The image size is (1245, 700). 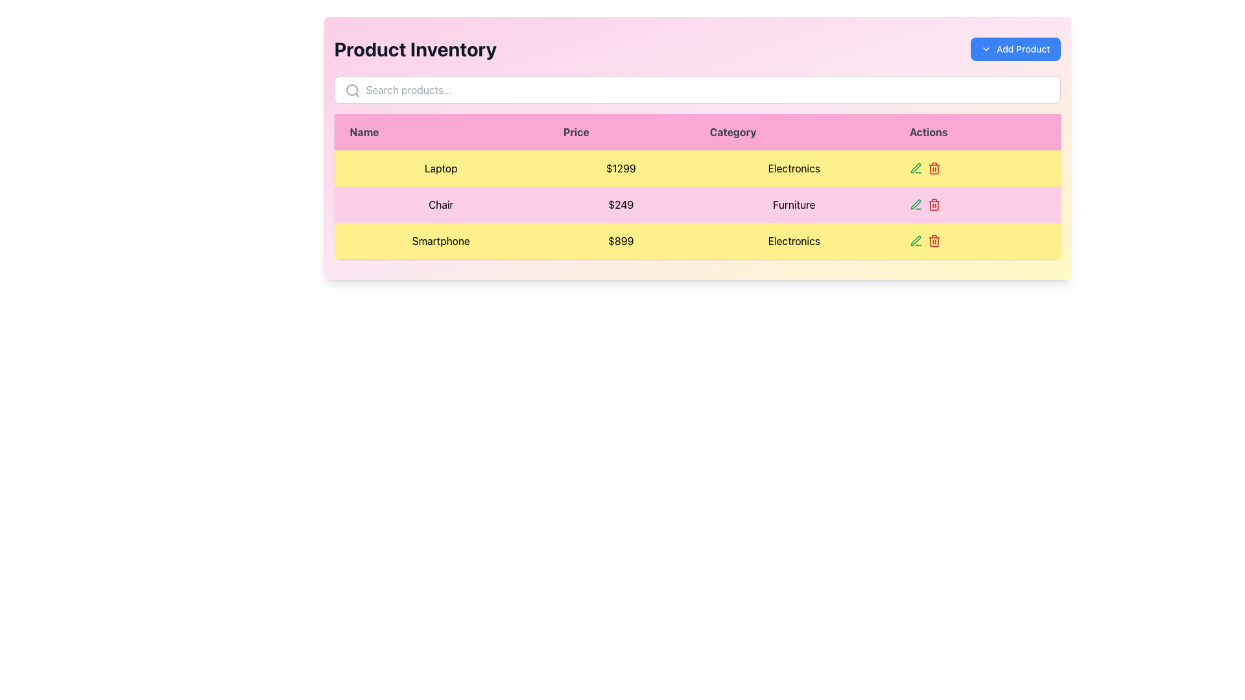 What do you see at coordinates (441, 240) in the screenshot?
I see `the Text Label displaying the product name 'Smartphone' located in the third row and first column of the product inventory table` at bounding box center [441, 240].